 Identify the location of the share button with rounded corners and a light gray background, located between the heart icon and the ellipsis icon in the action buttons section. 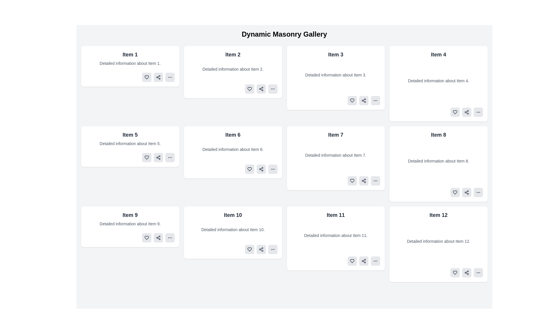
(467, 112).